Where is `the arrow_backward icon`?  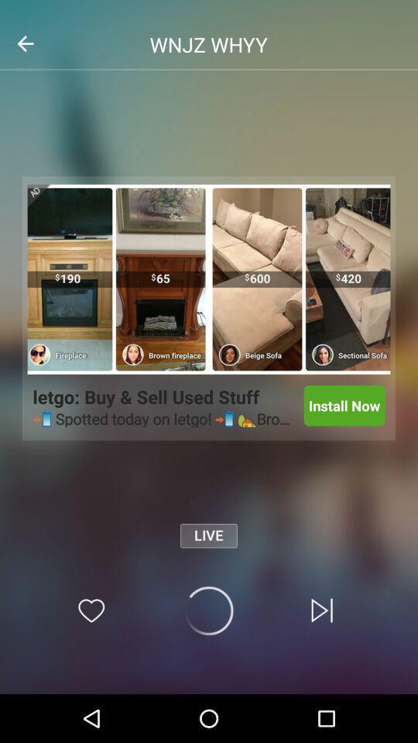 the arrow_backward icon is located at coordinates (24, 43).